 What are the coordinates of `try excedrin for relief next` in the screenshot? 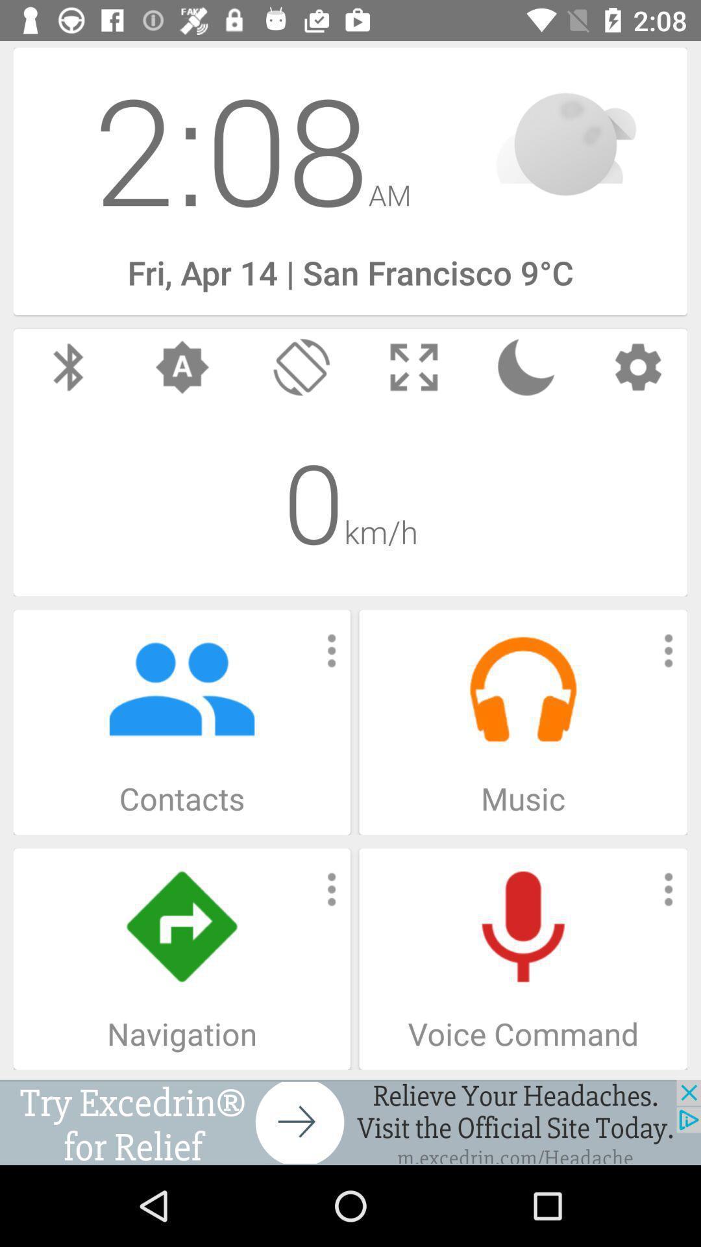 It's located at (350, 1122).